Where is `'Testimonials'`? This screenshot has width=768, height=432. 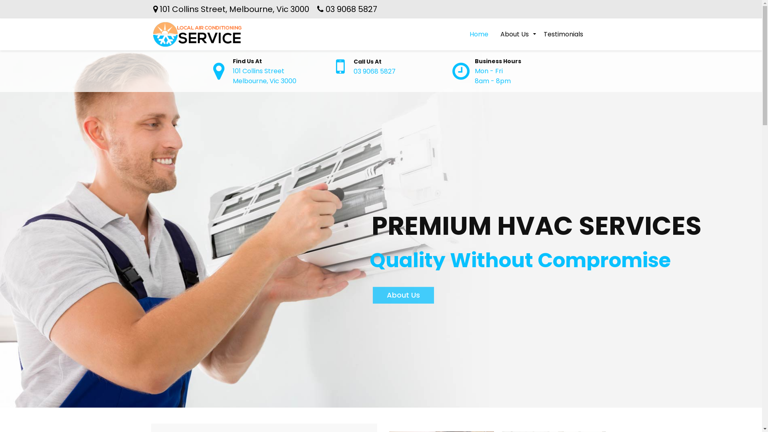
'Testimonials' is located at coordinates (563, 34).